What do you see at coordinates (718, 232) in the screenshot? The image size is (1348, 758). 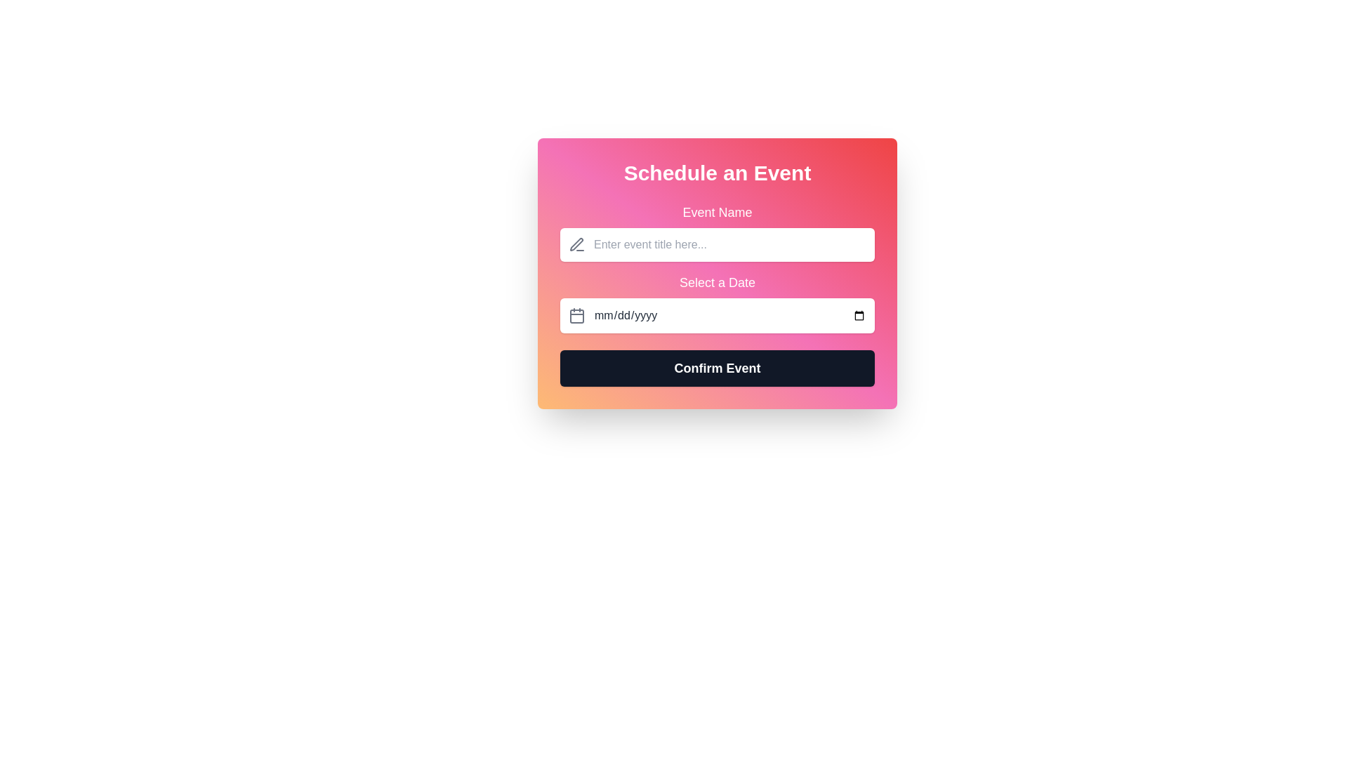 I see `the text input field labeled 'Event Name' to focus it, which is located in the red rectangular region below the label and has a pen icon as a prefix` at bounding box center [718, 232].